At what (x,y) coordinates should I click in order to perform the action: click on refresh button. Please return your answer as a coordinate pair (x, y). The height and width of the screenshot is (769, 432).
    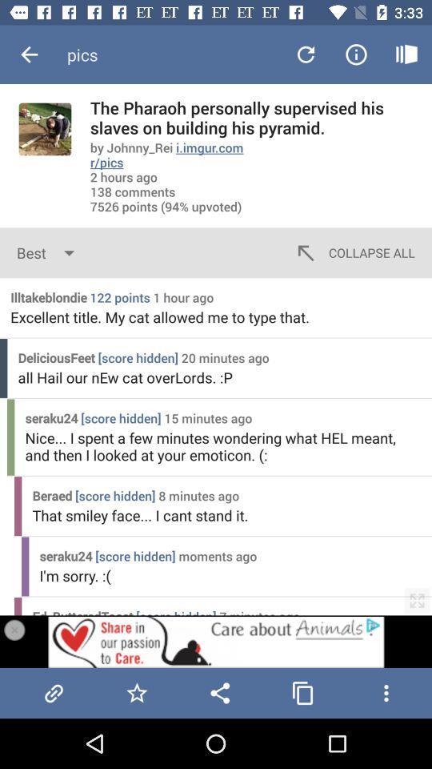
    Looking at the image, I should click on (306, 54).